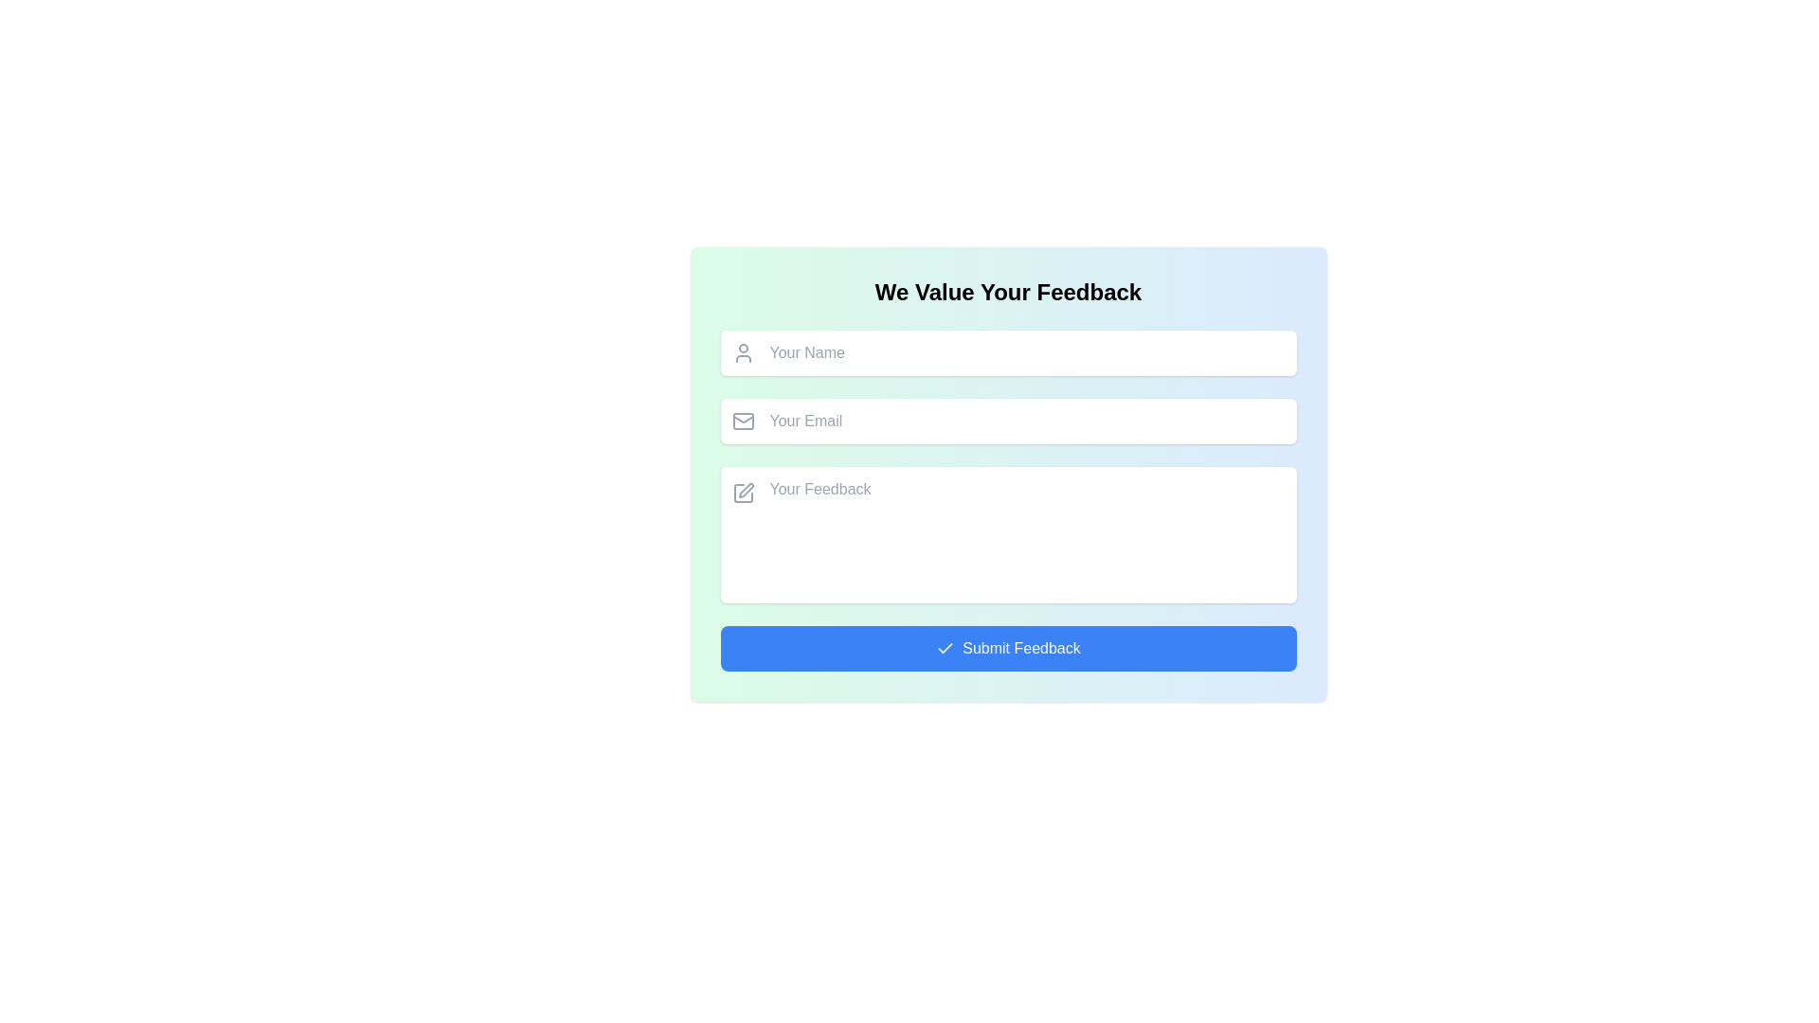  Describe the element at coordinates (946, 648) in the screenshot. I see `the checkmark icon on the left side of the 'Submit Feedback' button, which signifies confirmation of a successful action` at that location.